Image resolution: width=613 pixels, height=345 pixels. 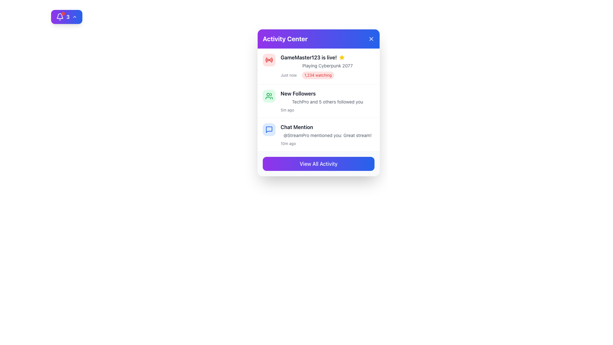 I want to click on the 'Activity Center' title text label located at the top-left corner of the dialog box, so click(x=285, y=39).